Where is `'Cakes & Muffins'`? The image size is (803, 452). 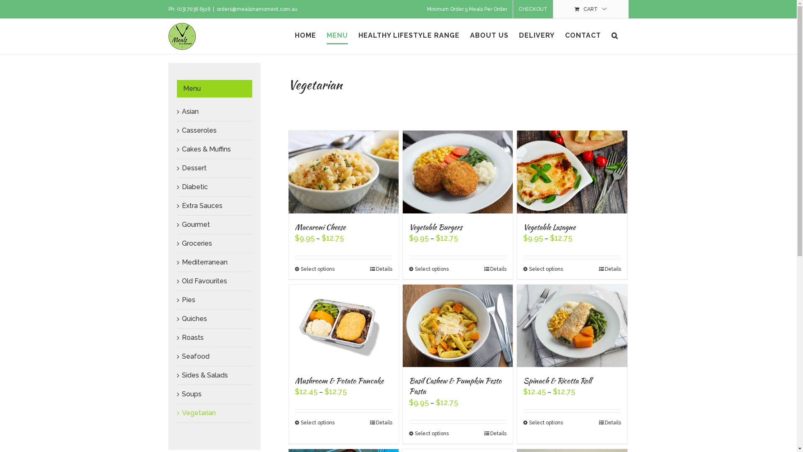
'Cakes & Muffins' is located at coordinates (181, 149).